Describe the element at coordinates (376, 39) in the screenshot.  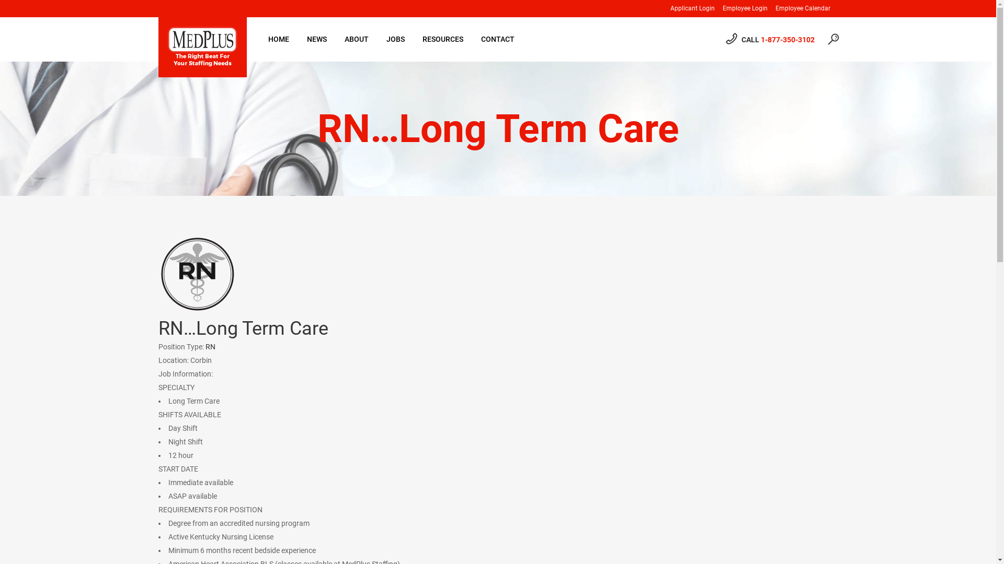
I see `'JOBS'` at that location.